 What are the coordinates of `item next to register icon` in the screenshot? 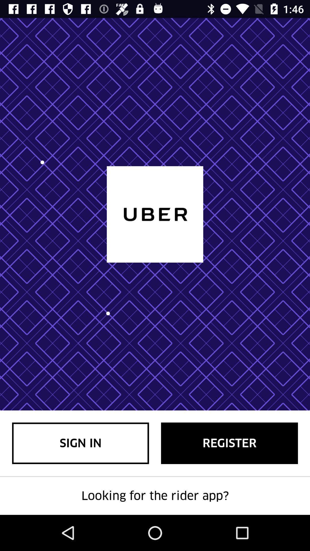 It's located at (80, 443).